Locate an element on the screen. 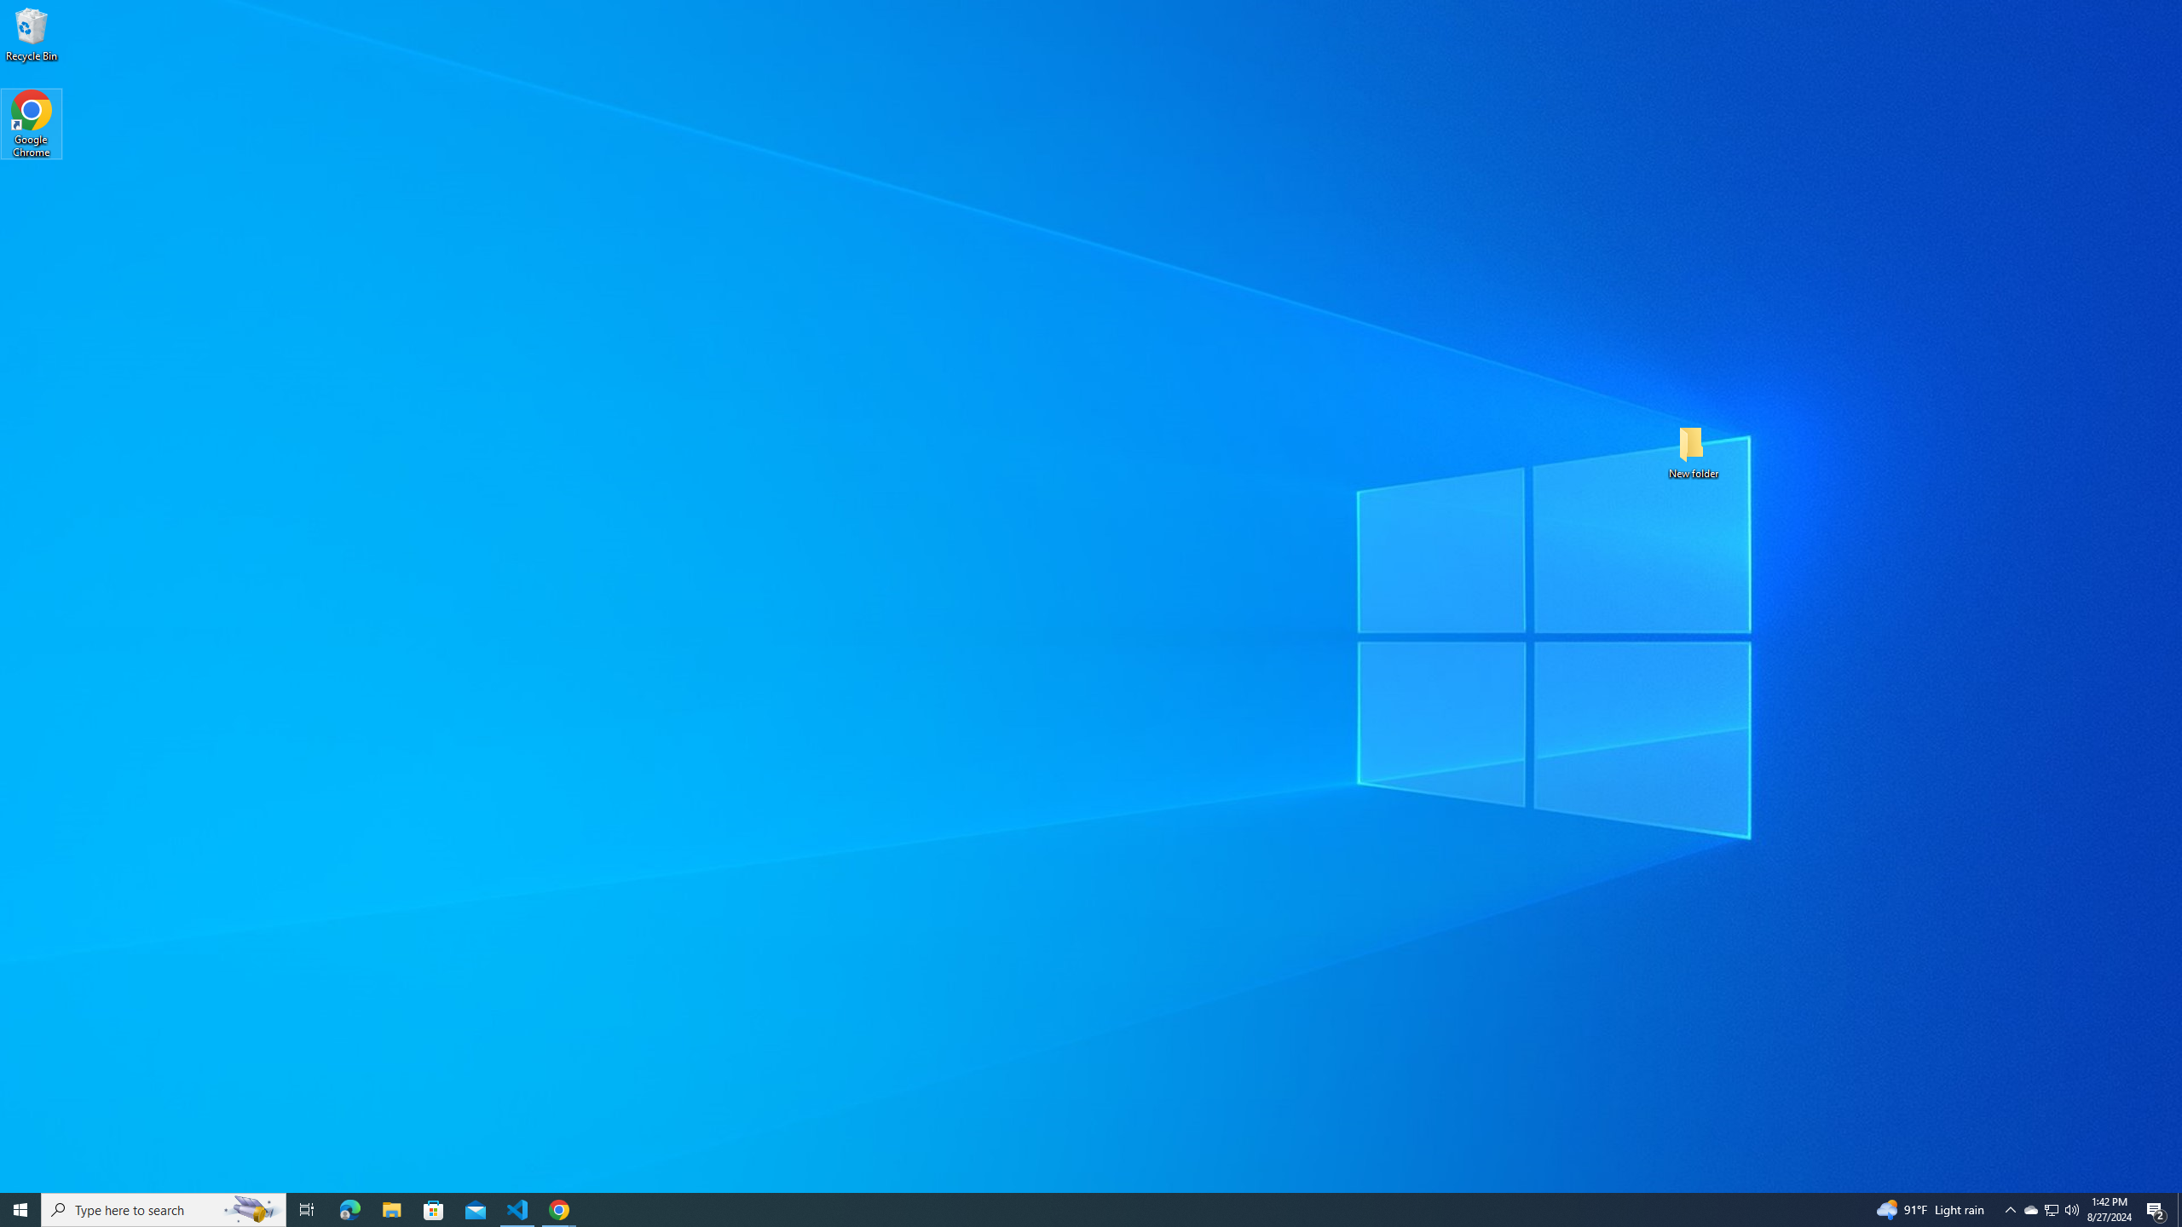 The image size is (2182, 1227). 'Google Chrome' is located at coordinates (31, 124).